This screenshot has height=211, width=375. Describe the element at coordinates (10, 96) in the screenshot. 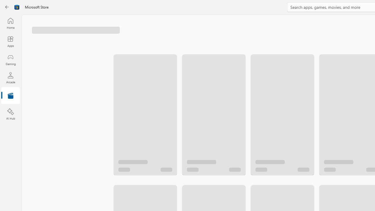

I see `'Entertainment'` at that location.